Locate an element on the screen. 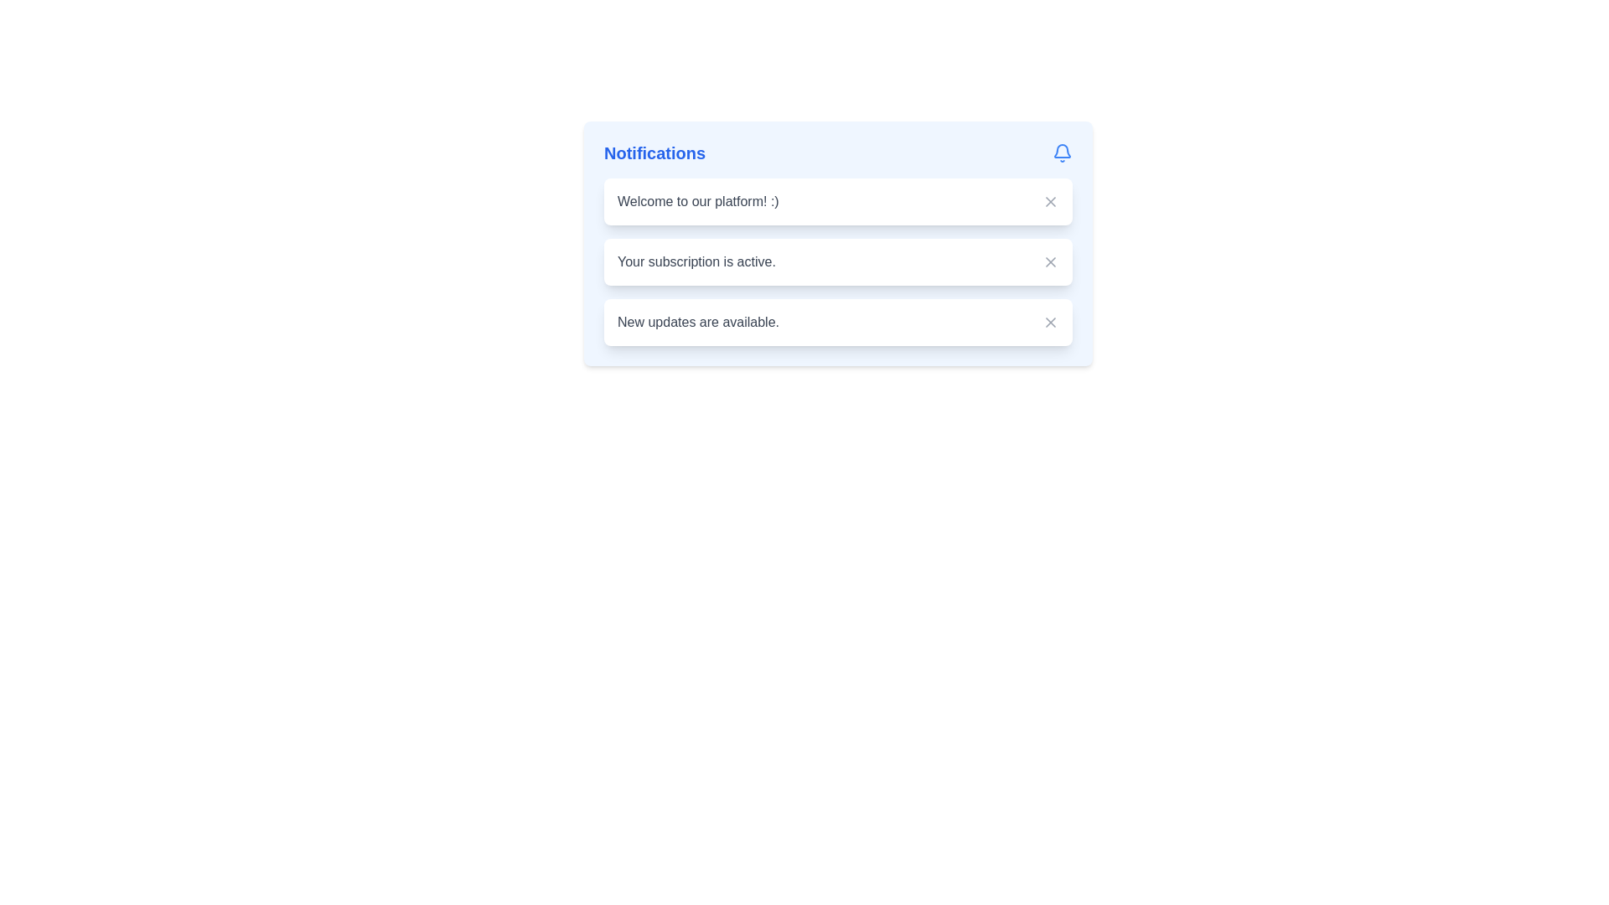 The height and width of the screenshot is (905, 1609). the close button 'X' icon within the third notification card, which is represented by a diagonal line from the upper right to the lower left corner is located at coordinates (1049, 323).